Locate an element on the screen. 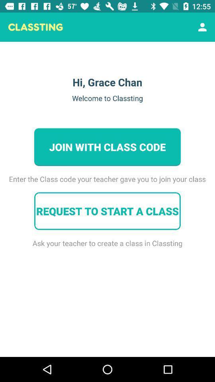  request to start icon is located at coordinates (107, 210).